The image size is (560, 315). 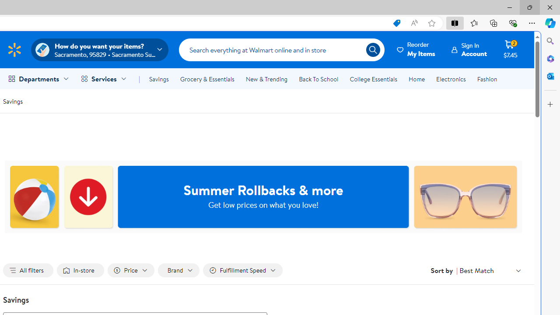 What do you see at coordinates (130, 270) in the screenshot?
I see `'Filter by Price not applied, activate to change'` at bounding box center [130, 270].